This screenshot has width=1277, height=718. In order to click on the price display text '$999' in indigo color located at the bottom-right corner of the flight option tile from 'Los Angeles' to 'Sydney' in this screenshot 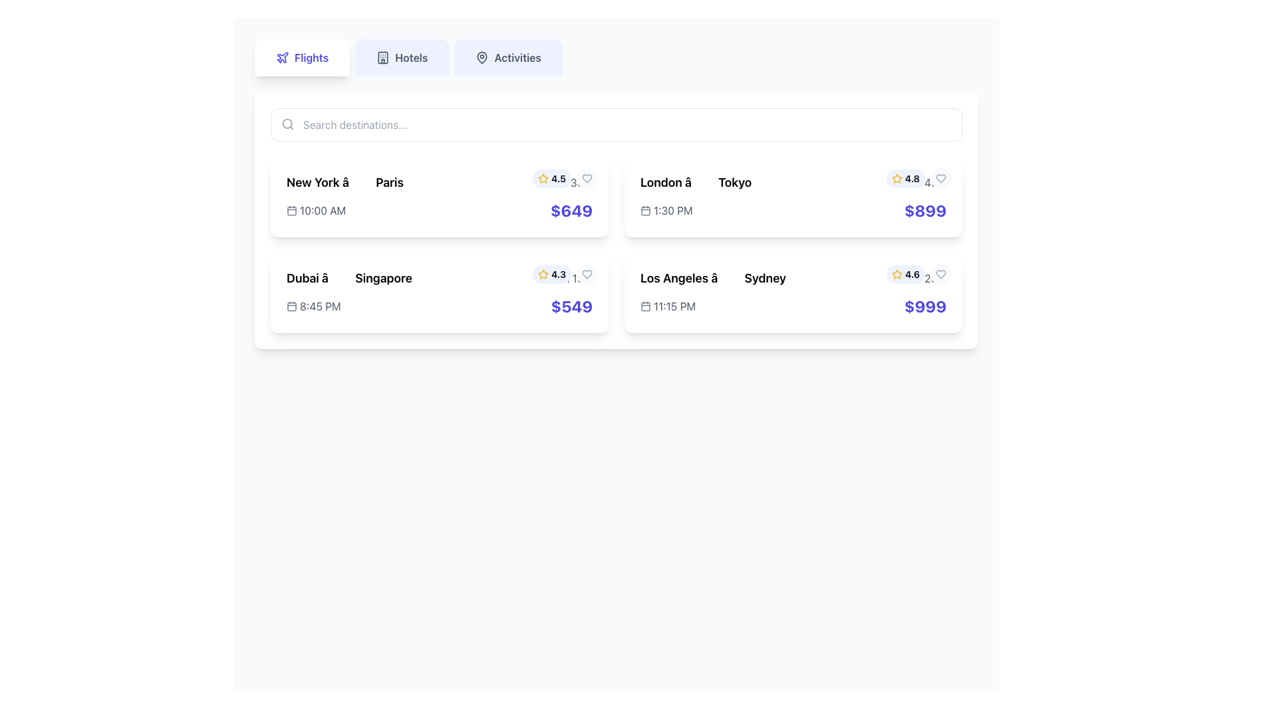, I will do `click(924, 306)`.